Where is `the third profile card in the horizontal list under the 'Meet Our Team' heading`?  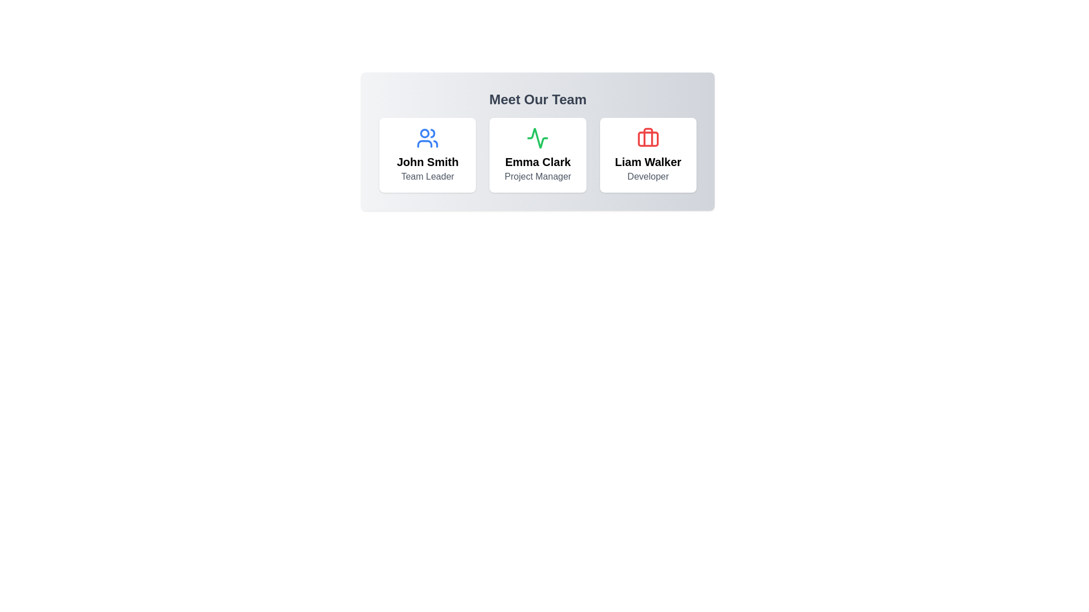 the third profile card in the horizontal list under the 'Meet Our Team' heading is located at coordinates (648, 155).